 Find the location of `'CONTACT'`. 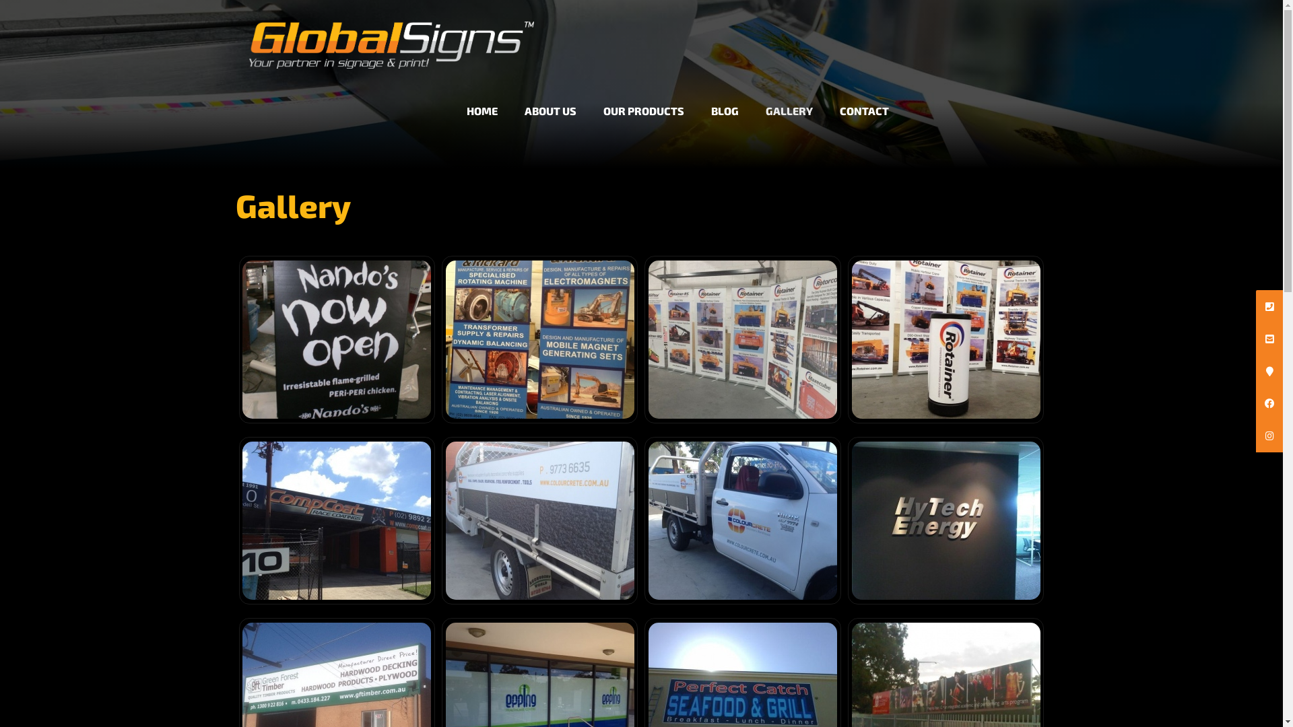

'CONTACT' is located at coordinates (826, 98).